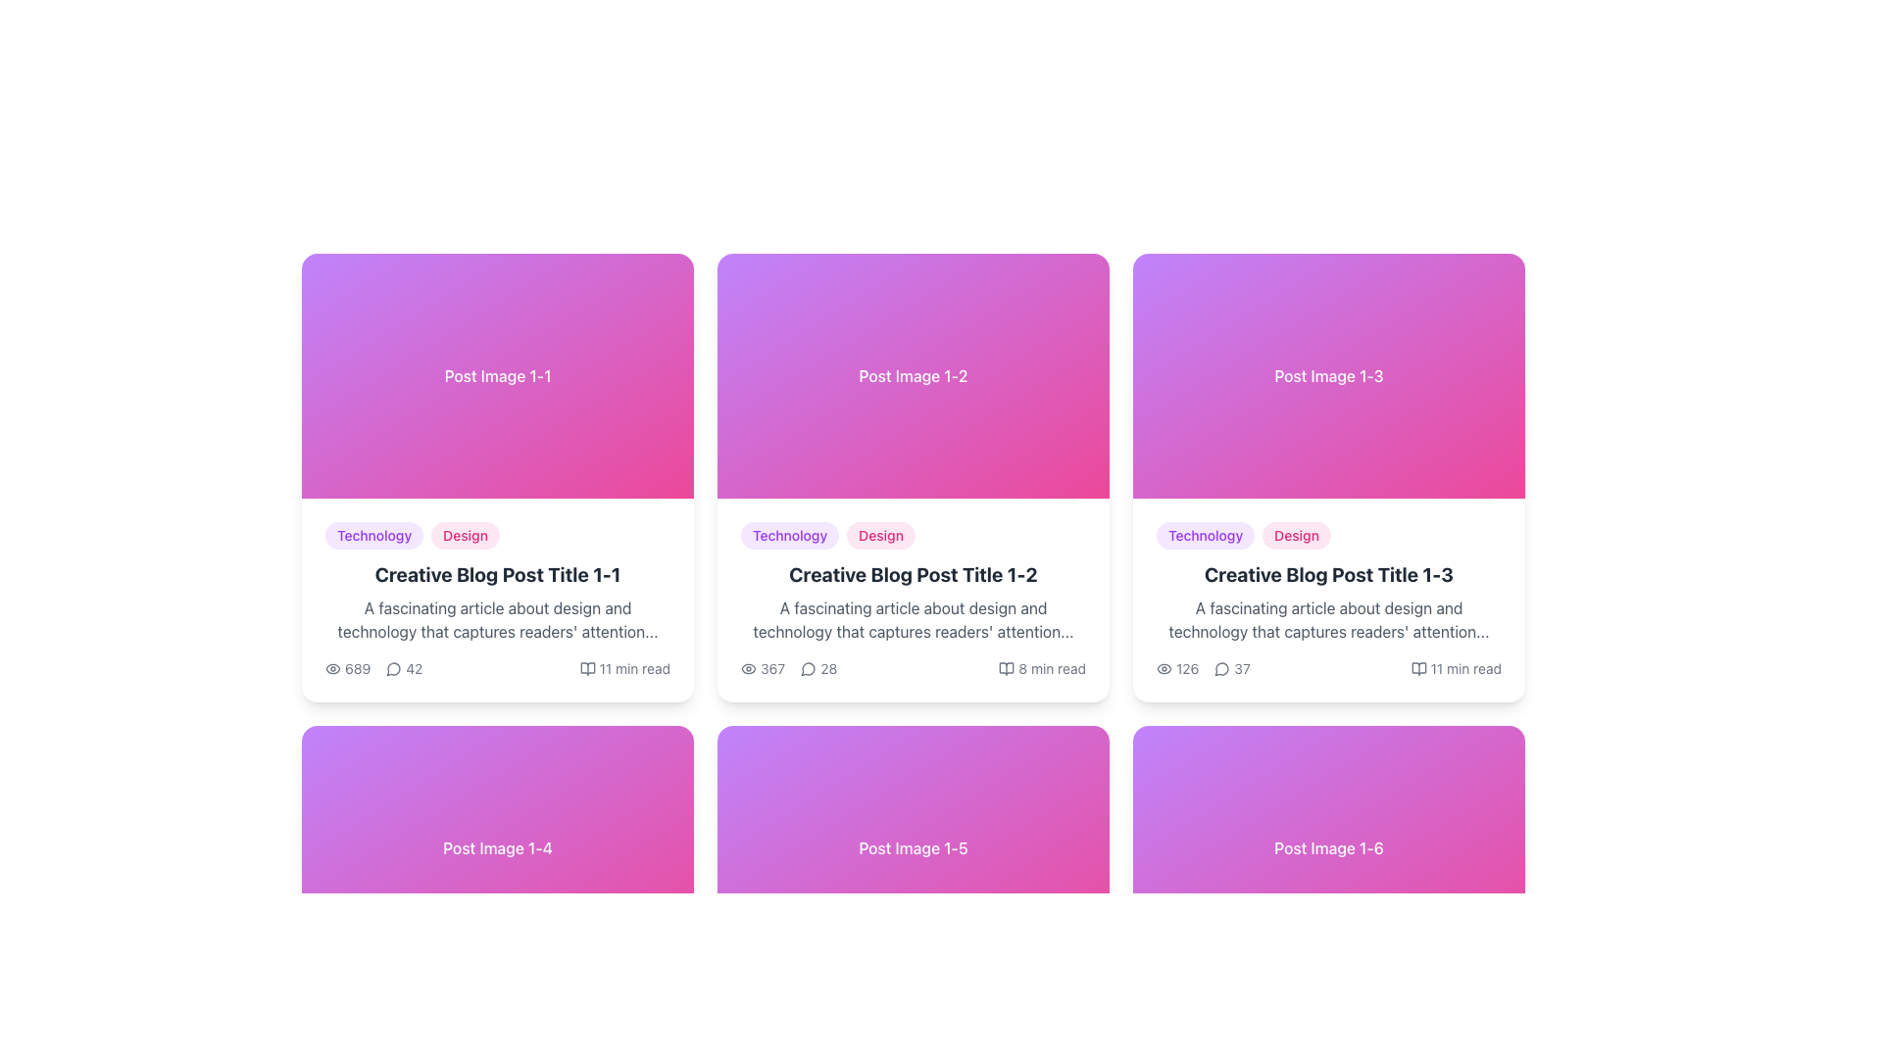 The image size is (1882, 1058). What do you see at coordinates (393, 667) in the screenshot?
I see `the Comment Icon, a small circular icon with a speech bubble outline, positioned next` at bounding box center [393, 667].